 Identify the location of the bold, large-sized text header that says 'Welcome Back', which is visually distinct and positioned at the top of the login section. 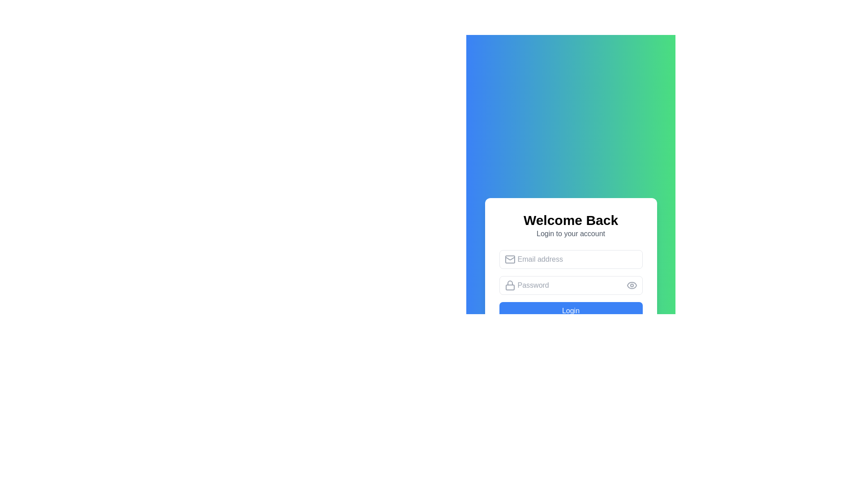
(570, 220).